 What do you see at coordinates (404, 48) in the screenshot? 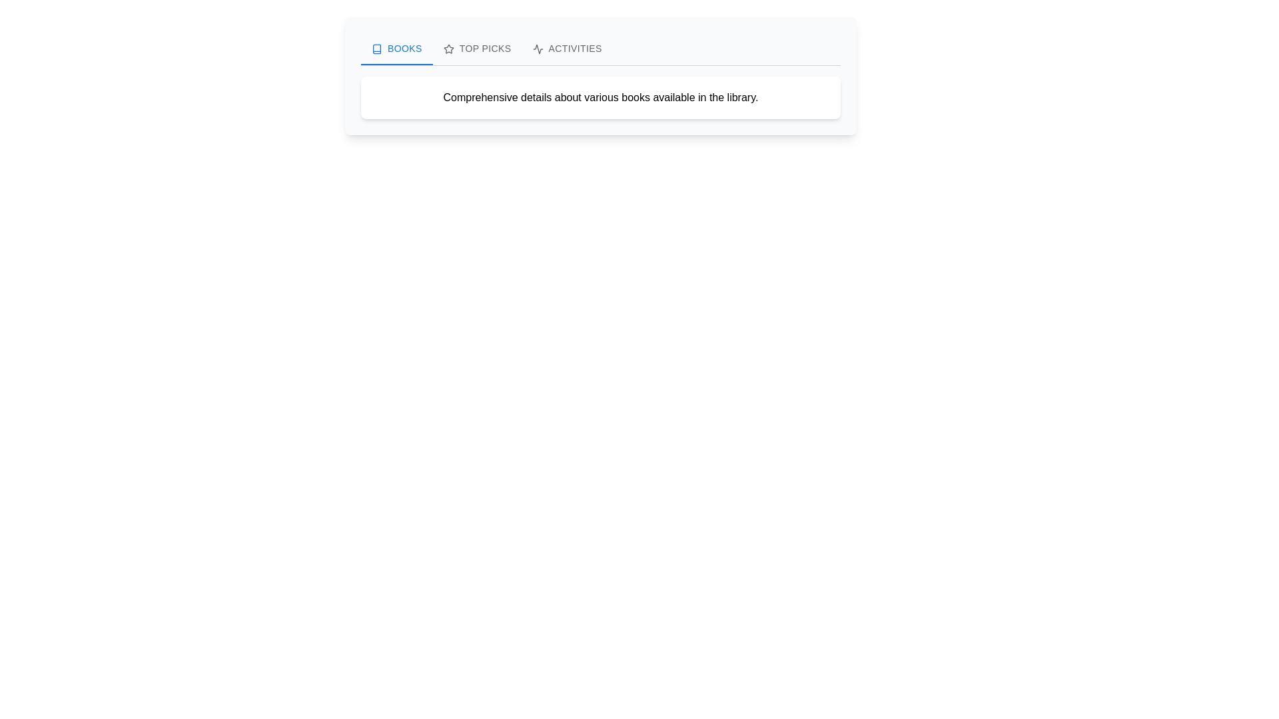
I see `the text label displaying 'BOOKS' in uppercase letters, styled with a blue font` at bounding box center [404, 48].